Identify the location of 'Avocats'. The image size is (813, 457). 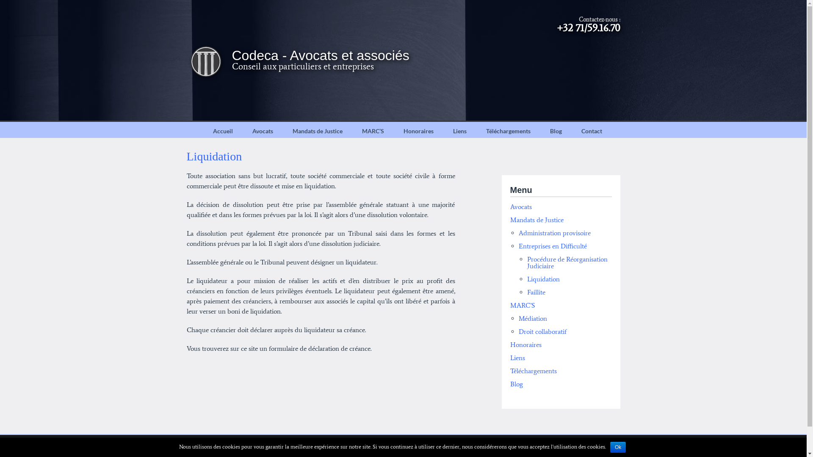
(262, 131).